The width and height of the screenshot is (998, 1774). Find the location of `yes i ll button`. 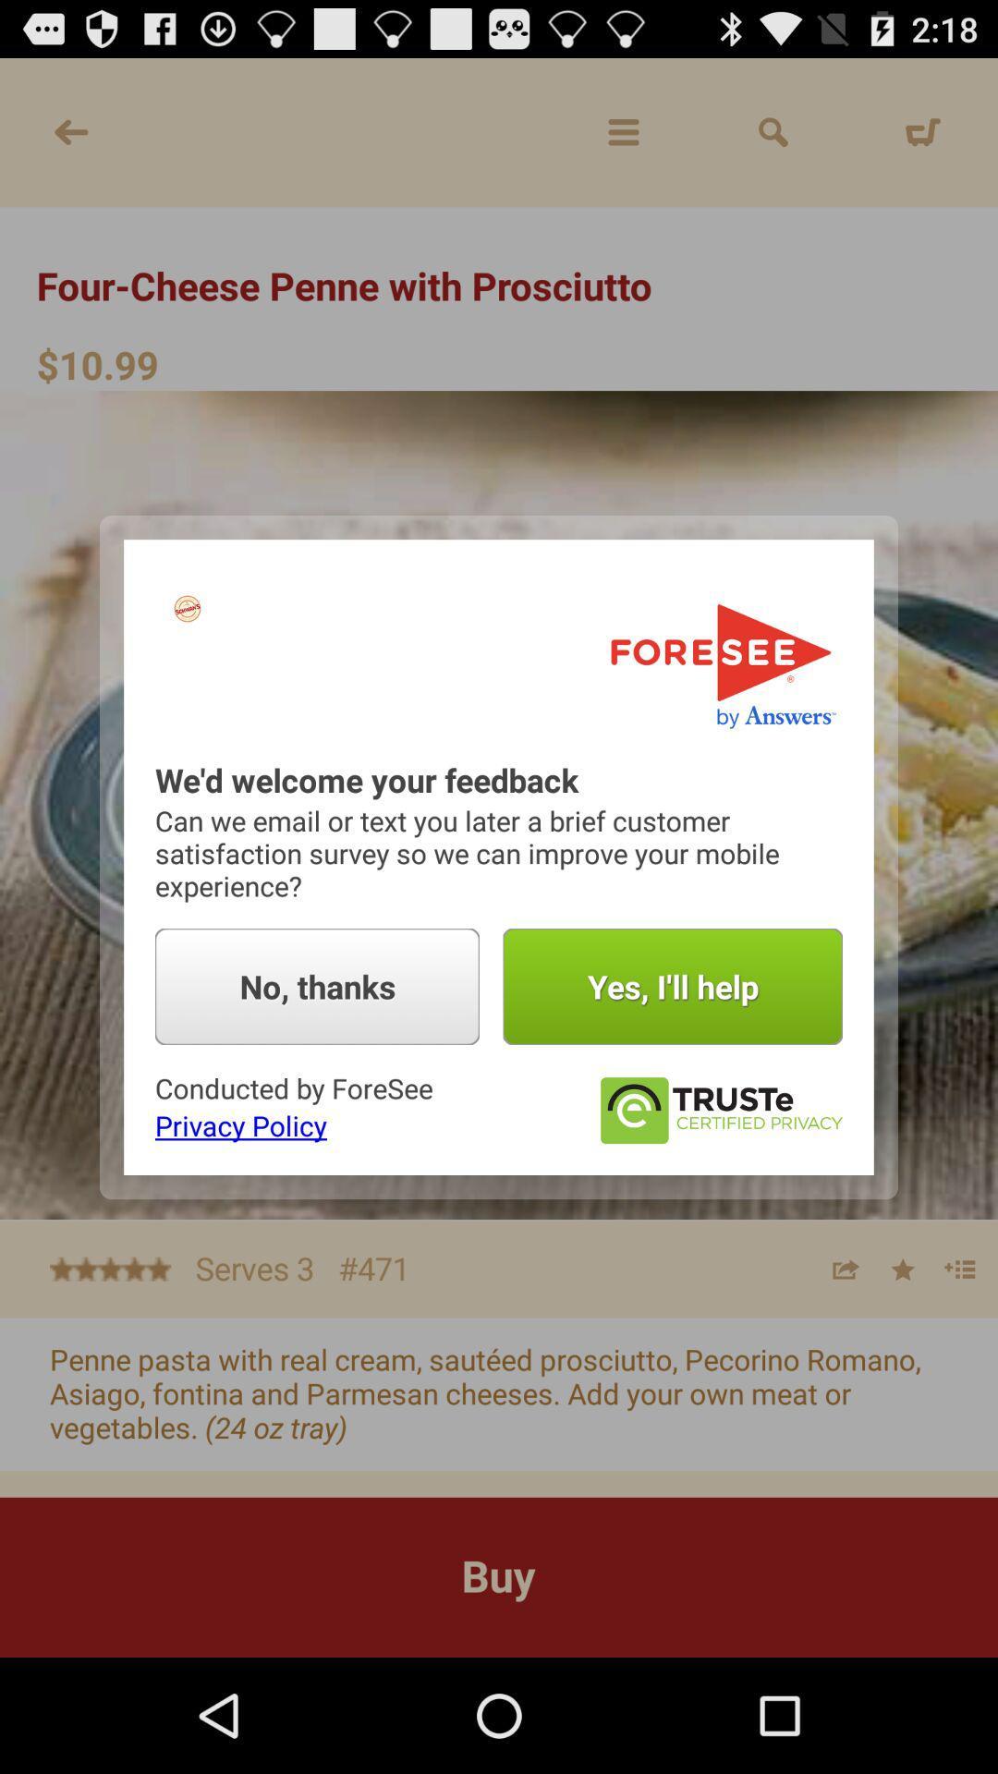

yes i ll button is located at coordinates (673, 986).